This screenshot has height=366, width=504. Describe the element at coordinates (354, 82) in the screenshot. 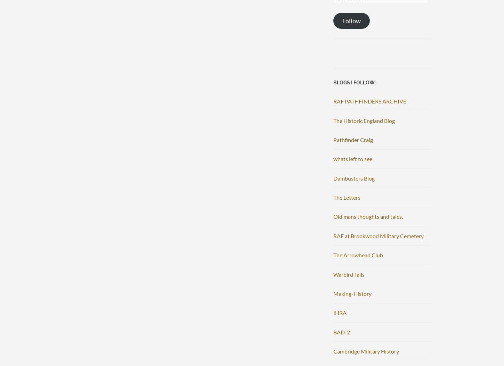

I see `'Blogs I follow:'` at that location.